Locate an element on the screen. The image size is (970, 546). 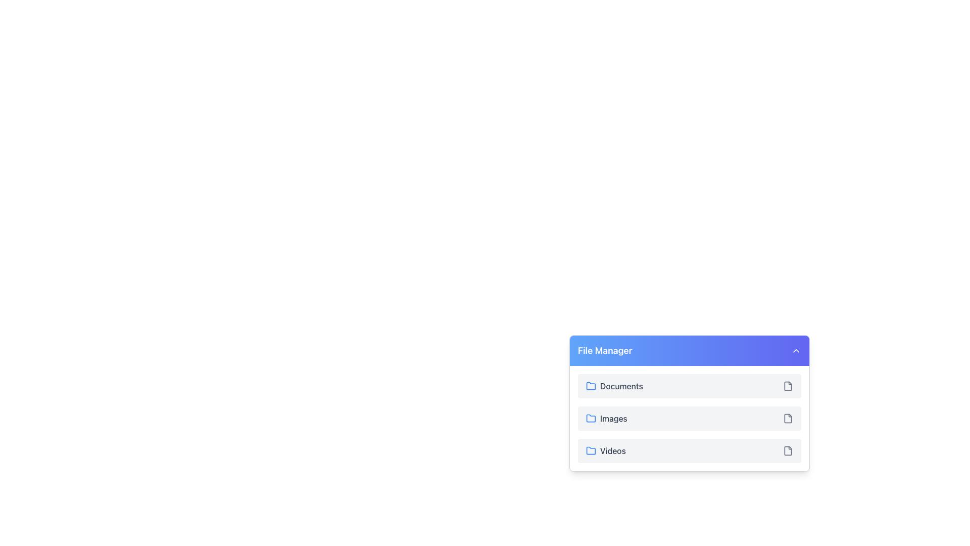
the 'Images' section in the File Manager is located at coordinates (689, 419).